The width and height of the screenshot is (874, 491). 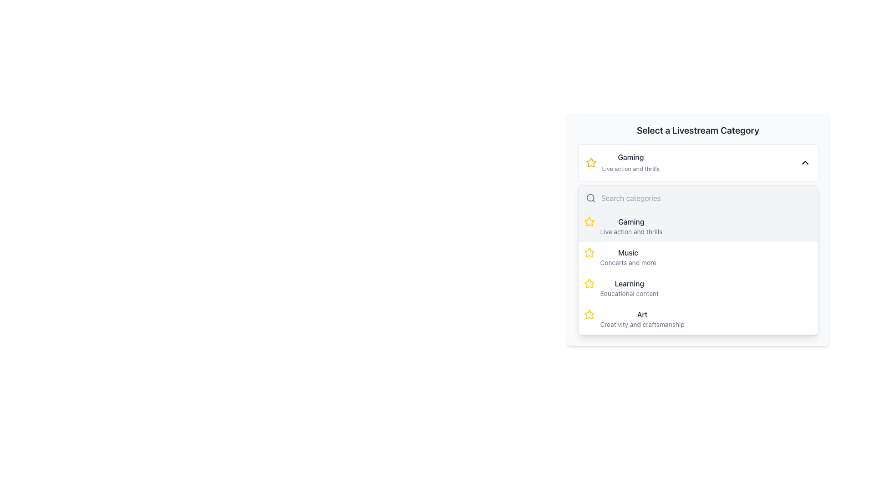 I want to click on text label displaying 'Learning', which is styled in dark gray and positioned above the description 'Educational content', so click(x=629, y=283).